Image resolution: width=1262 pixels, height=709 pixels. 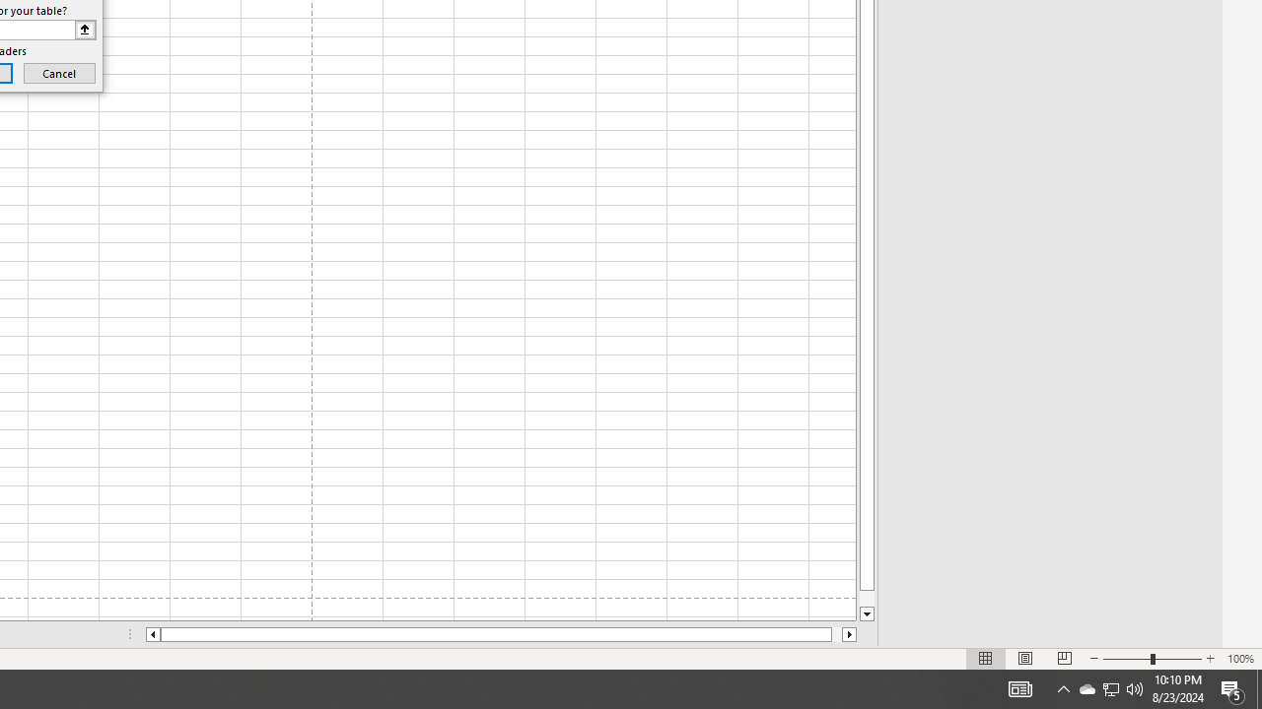 What do you see at coordinates (1127, 659) in the screenshot?
I see `'Zoom Out'` at bounding box center [1127, 659].